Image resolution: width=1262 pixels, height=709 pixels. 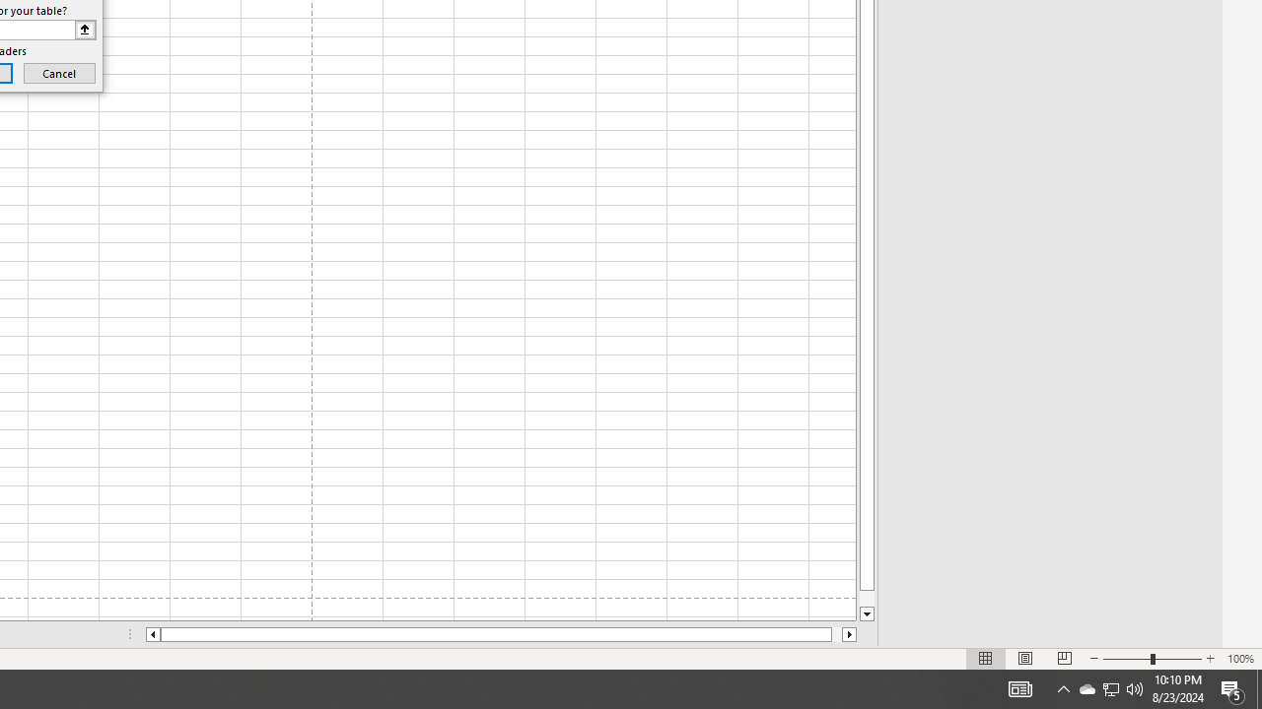 What do you see at coordinates (1127, 659) in the screenshot?
I see `'Zoom Out'` at bounding box center [1127, 659].